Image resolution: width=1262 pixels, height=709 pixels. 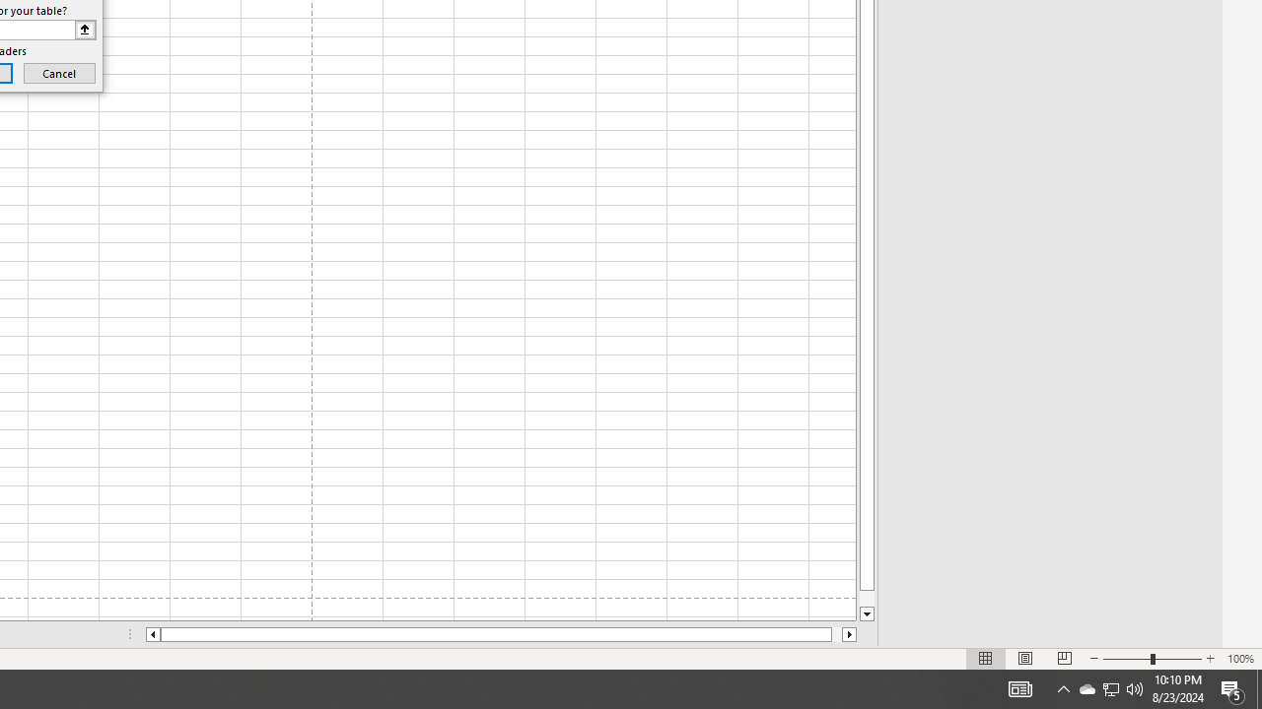 What do you see at coordinates (1127, 659) in the screenshot?
I see `'Zoom Out'` at bounding box center [1127, 659].